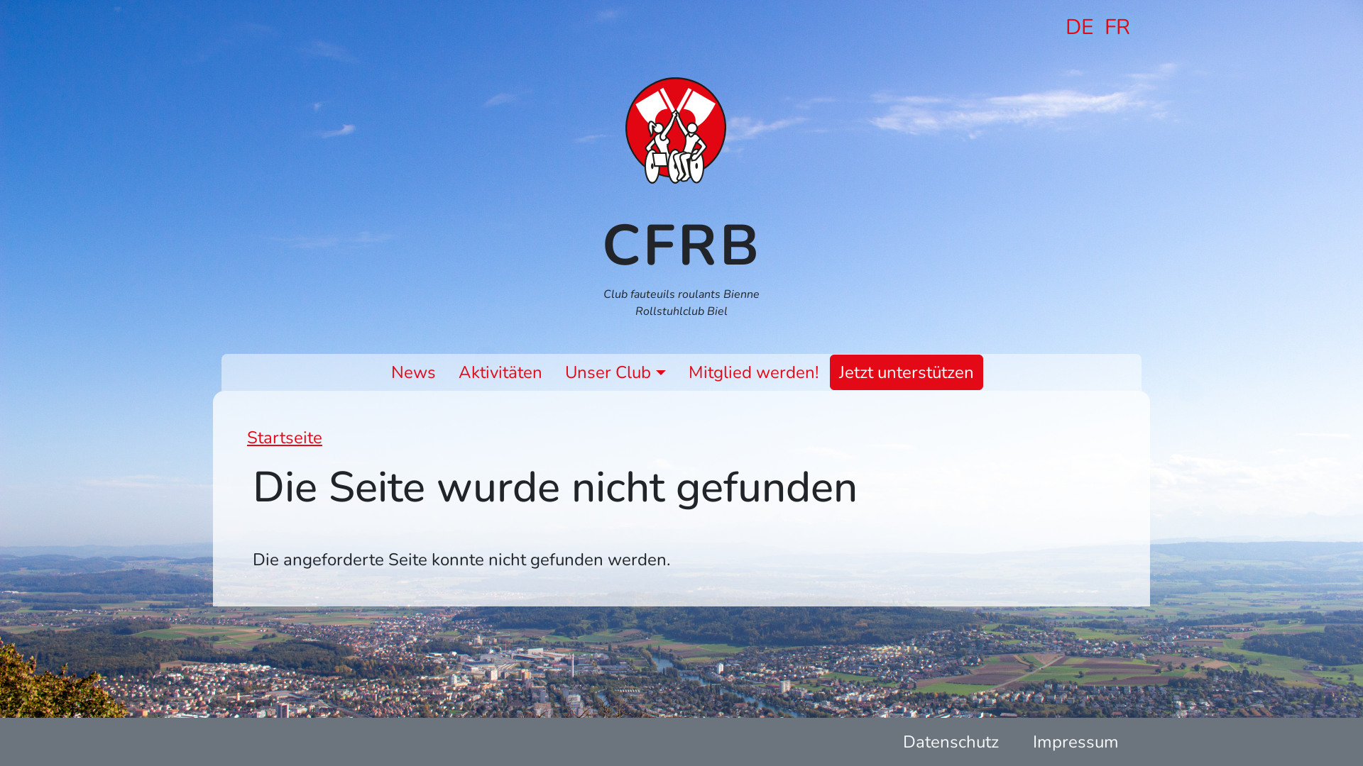  Describe the element at coordinates (412, 371) in the screenshot. I see `'News'` at that location.